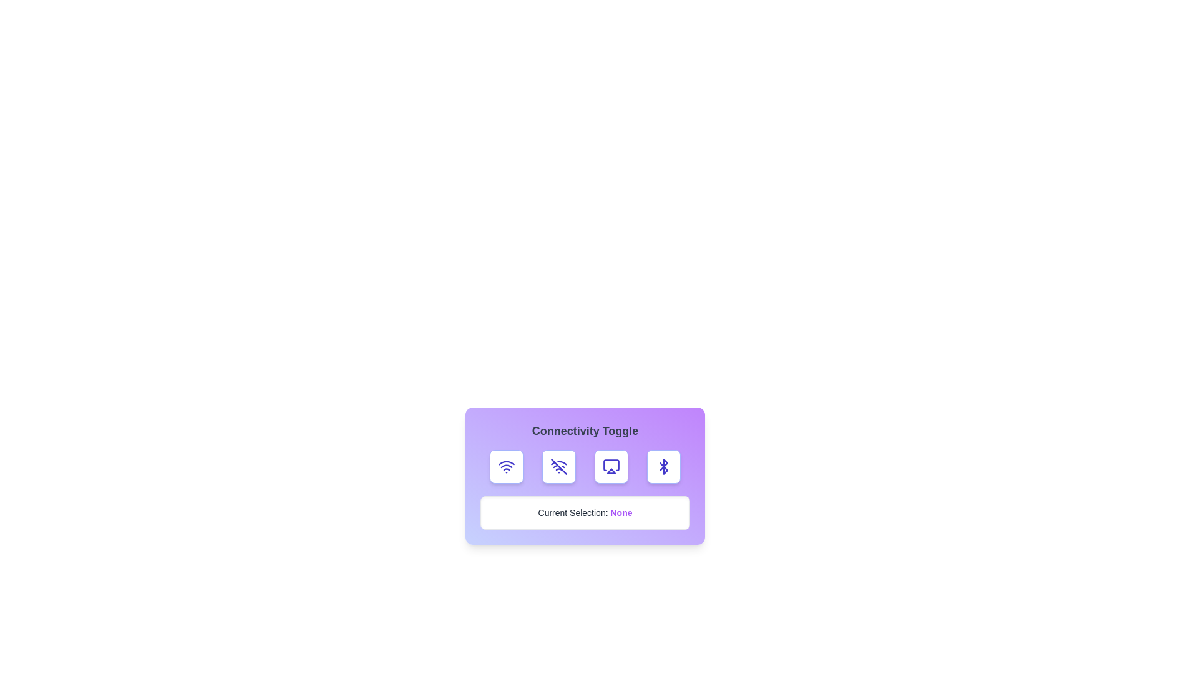 This screenshot has width=1198, height=674. Describe the element at coordinates (663, 467) in the screenshot. I see `the connectivity option Bluetooth by clicking its corresponding button` at that location.